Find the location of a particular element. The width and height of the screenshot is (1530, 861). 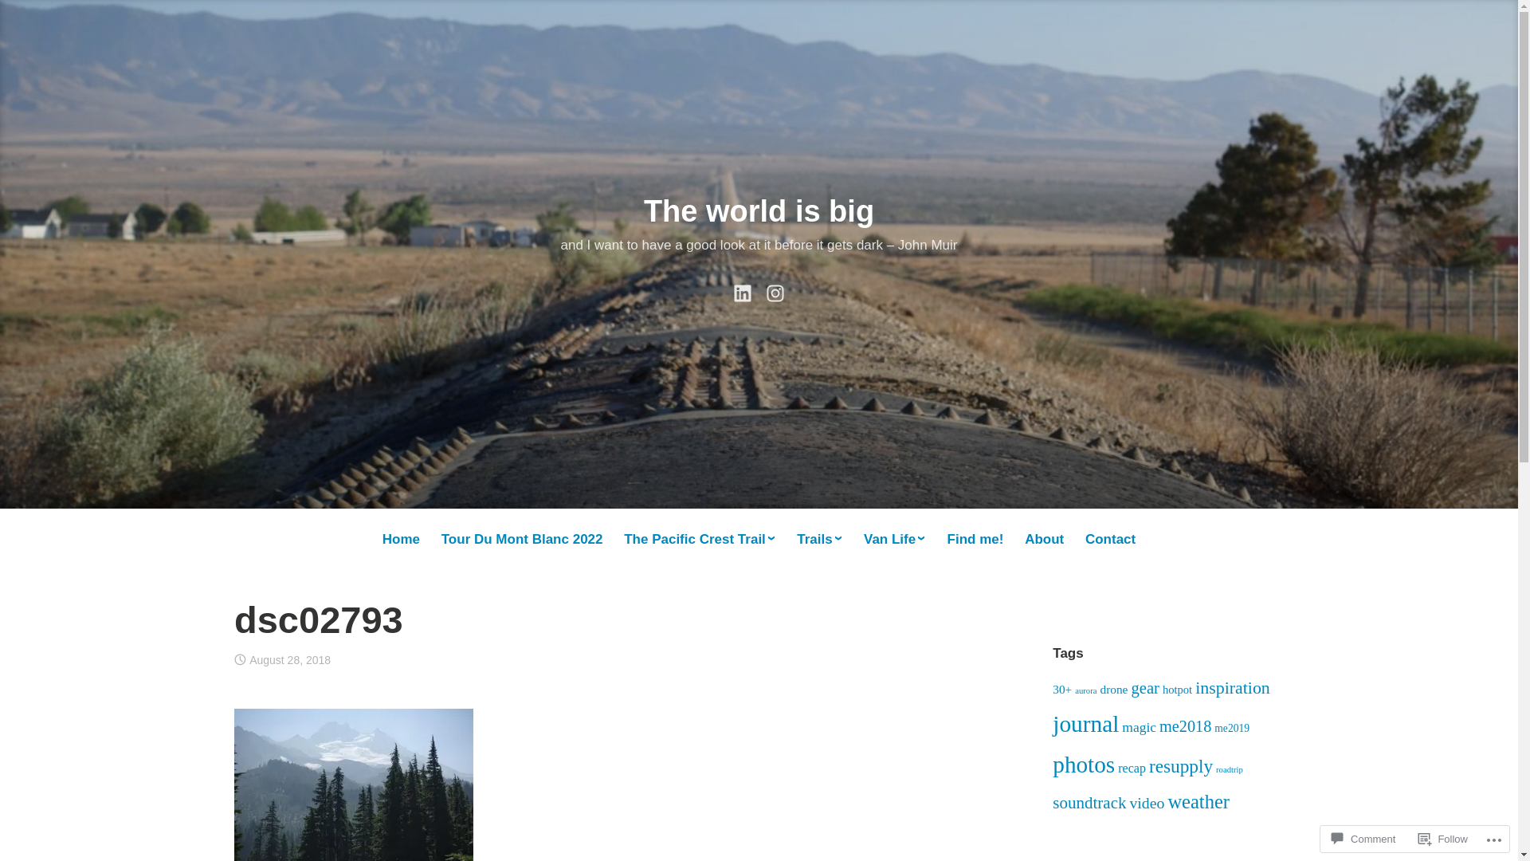

'Van Life' is located at coordinates (860, 539).